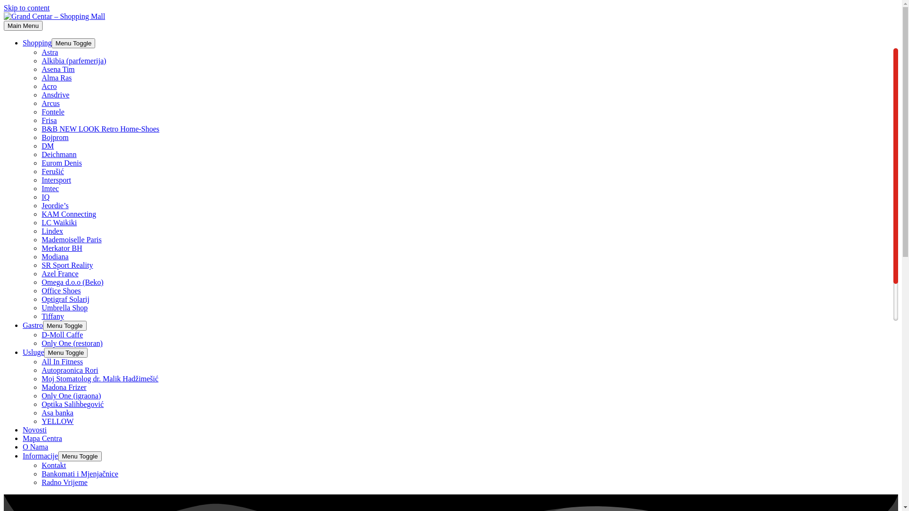 This screenshot has height=511, width=909. Describe the element at coordinates (41, 324) in the screenshot. I see `'Sport Vision'` at that location.